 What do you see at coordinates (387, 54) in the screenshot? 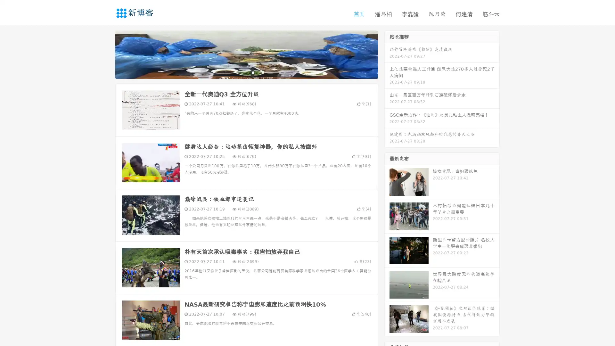
I see `Next slide` at bounding box center [387, 54].